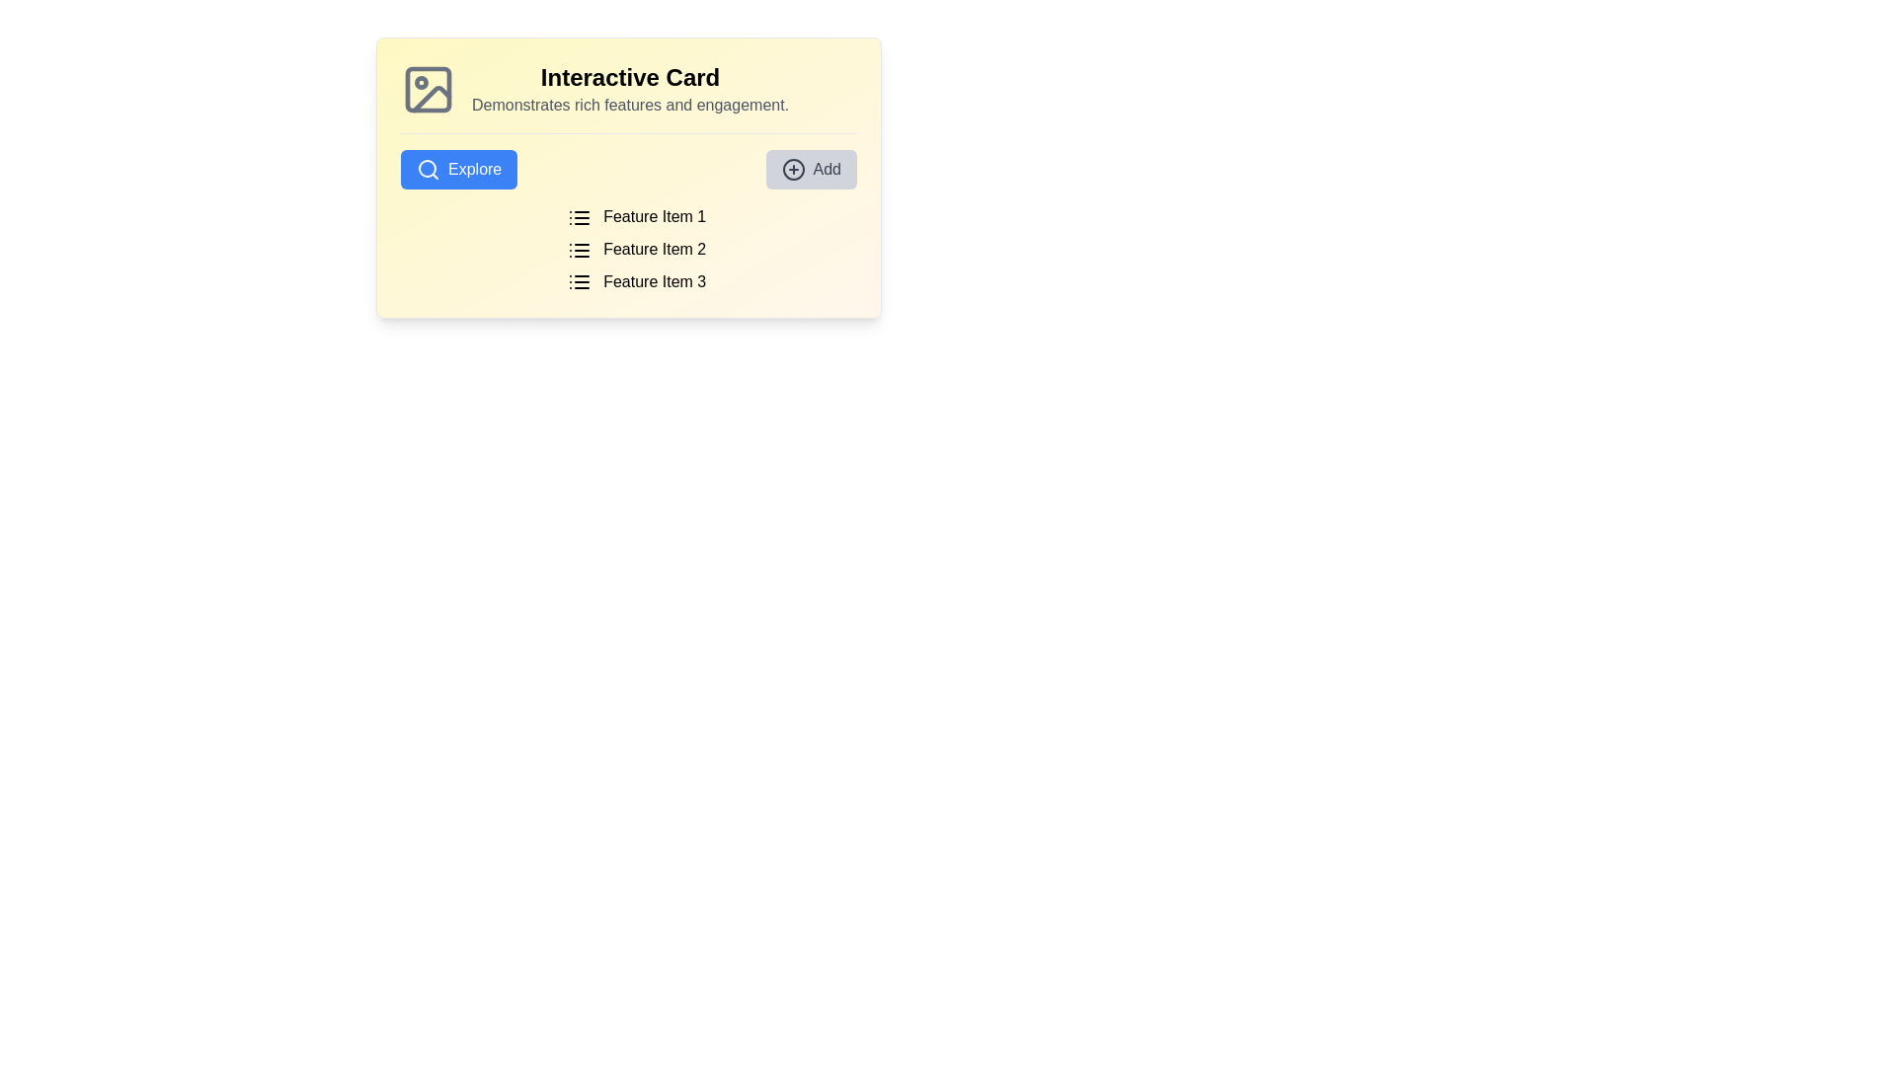 The image size is (1896, 1066). Describe the element at coordinates (427, 90) in the screenshot. I see `the small rectangular Background Shape with rounded corners, located within the framed image icon at the top-left of the card` at that location.